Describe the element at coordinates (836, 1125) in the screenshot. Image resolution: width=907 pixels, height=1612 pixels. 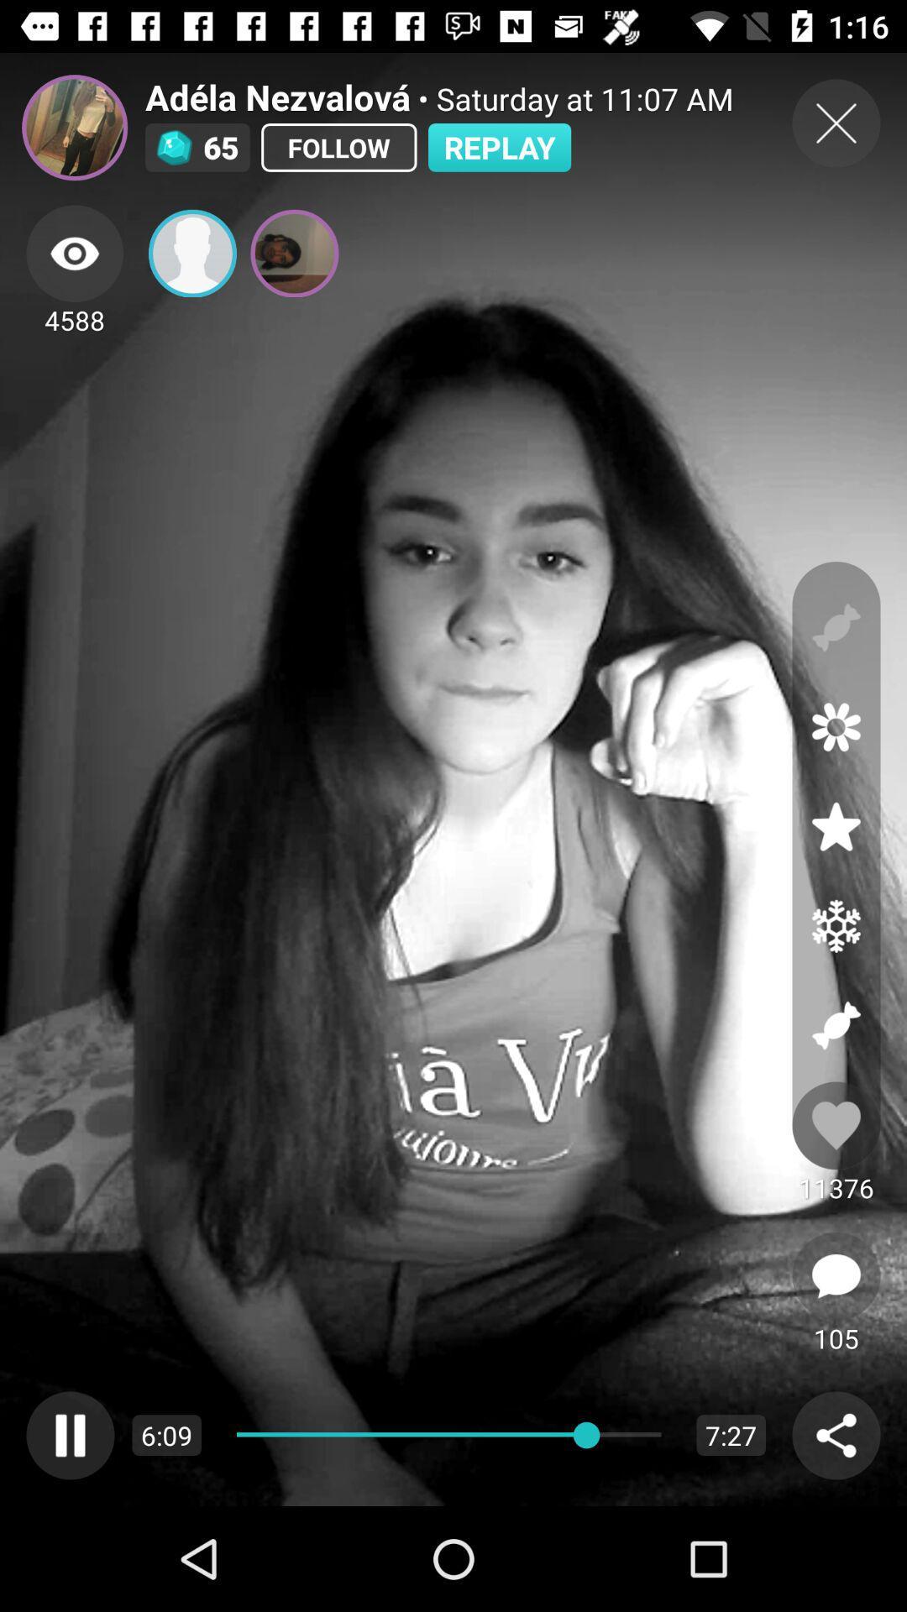
I see `love` at that location.